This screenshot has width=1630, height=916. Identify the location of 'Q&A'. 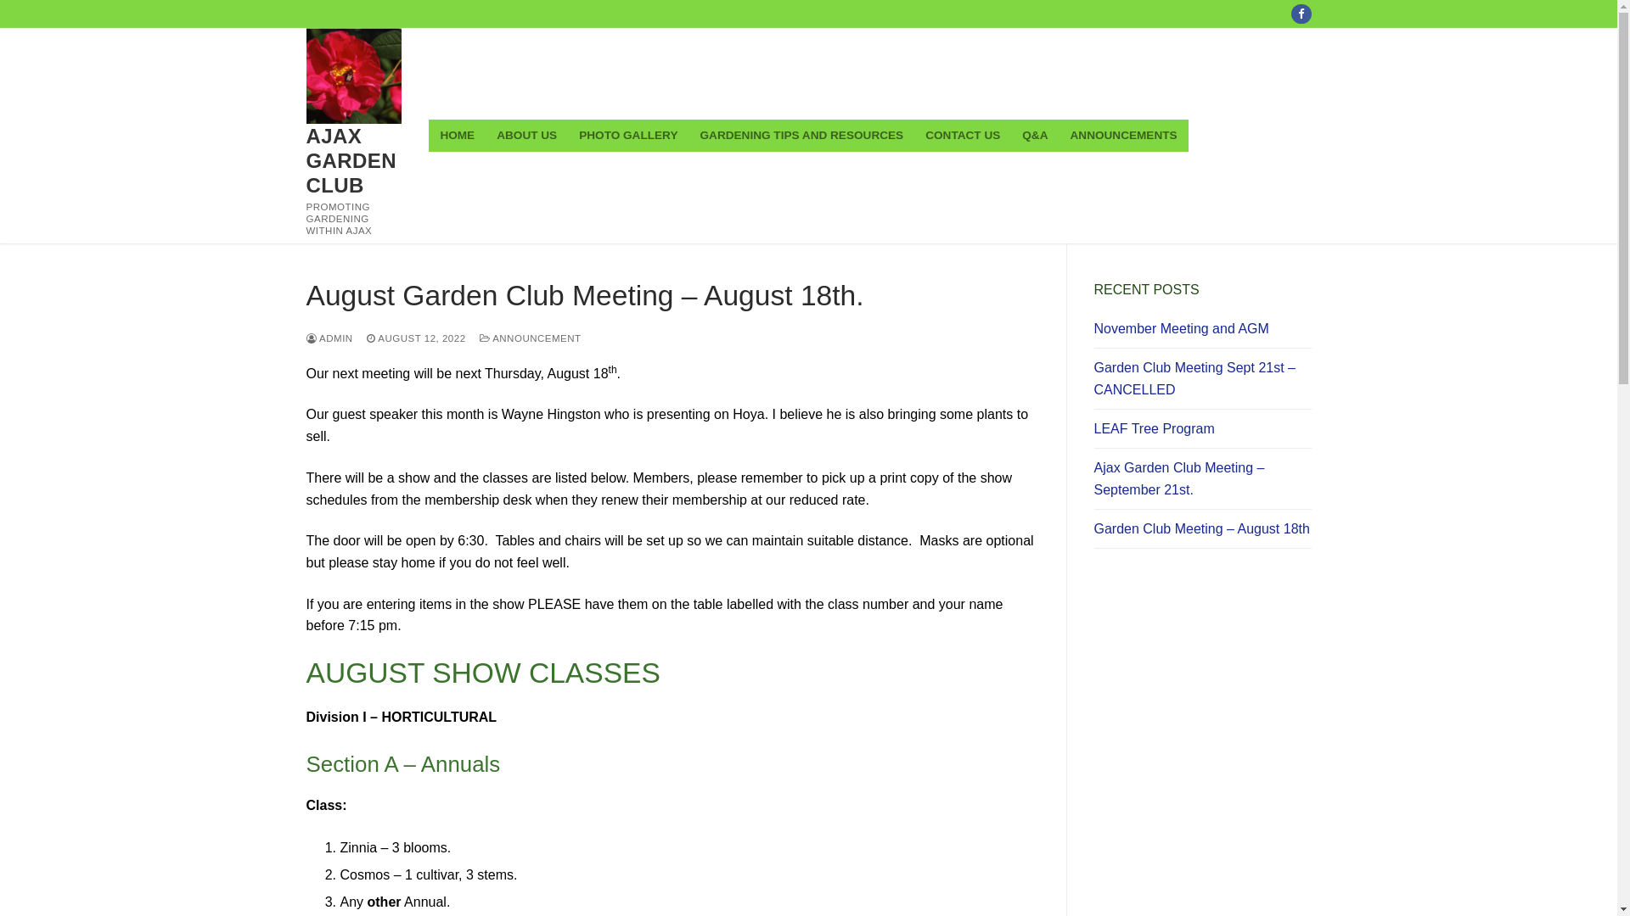
(1034, 134).